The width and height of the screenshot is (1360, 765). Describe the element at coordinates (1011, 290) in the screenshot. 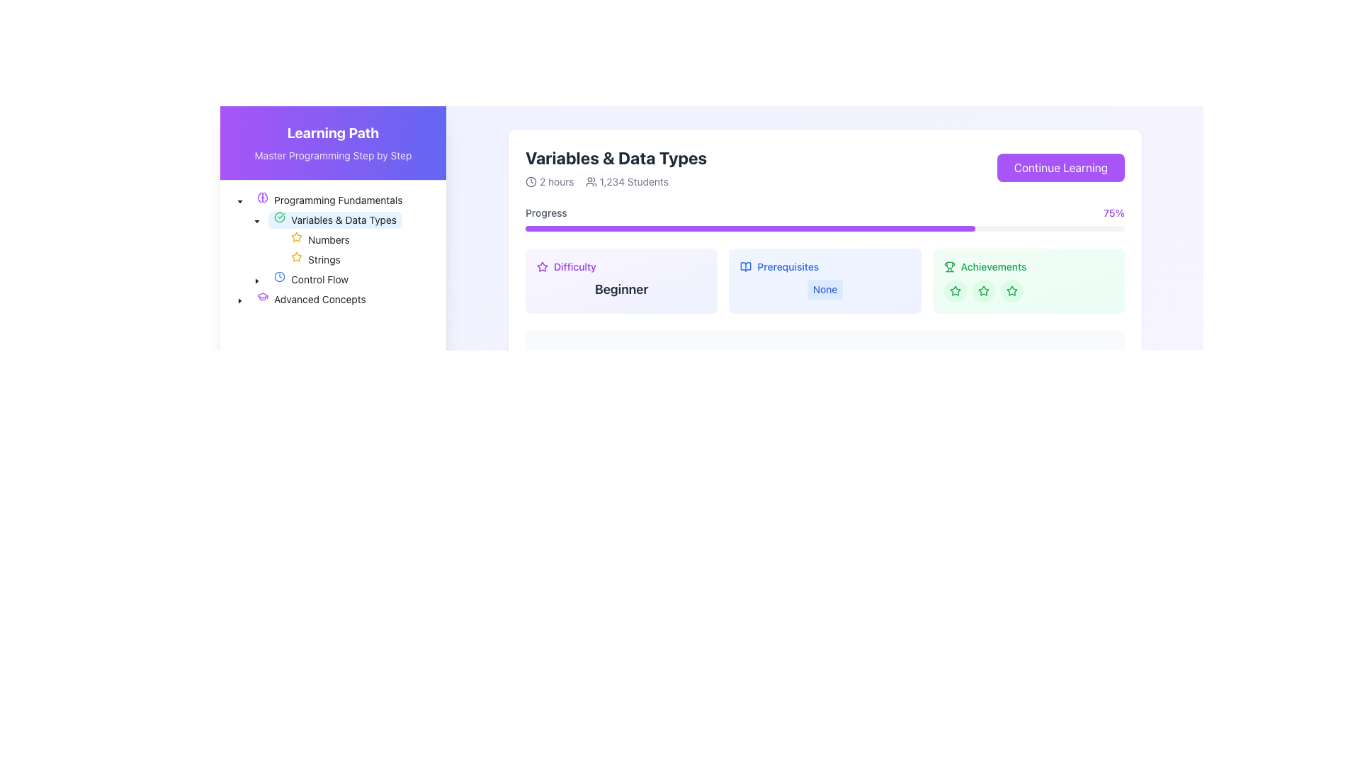

I see `the third star icon in the 'Achievements' section, which has a green outline and a transparent interior` at that location.